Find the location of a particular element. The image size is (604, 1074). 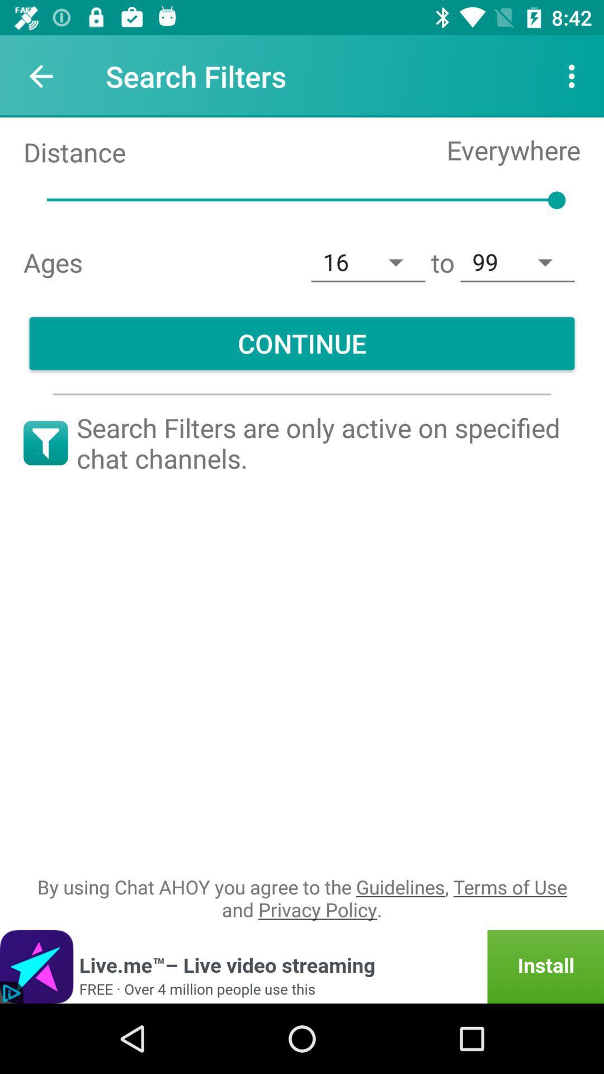

by using chat item is located at coordinates (302, 898).